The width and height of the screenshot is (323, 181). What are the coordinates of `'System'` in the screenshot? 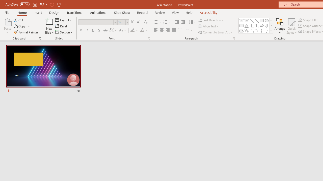 It's located at (5, 5).